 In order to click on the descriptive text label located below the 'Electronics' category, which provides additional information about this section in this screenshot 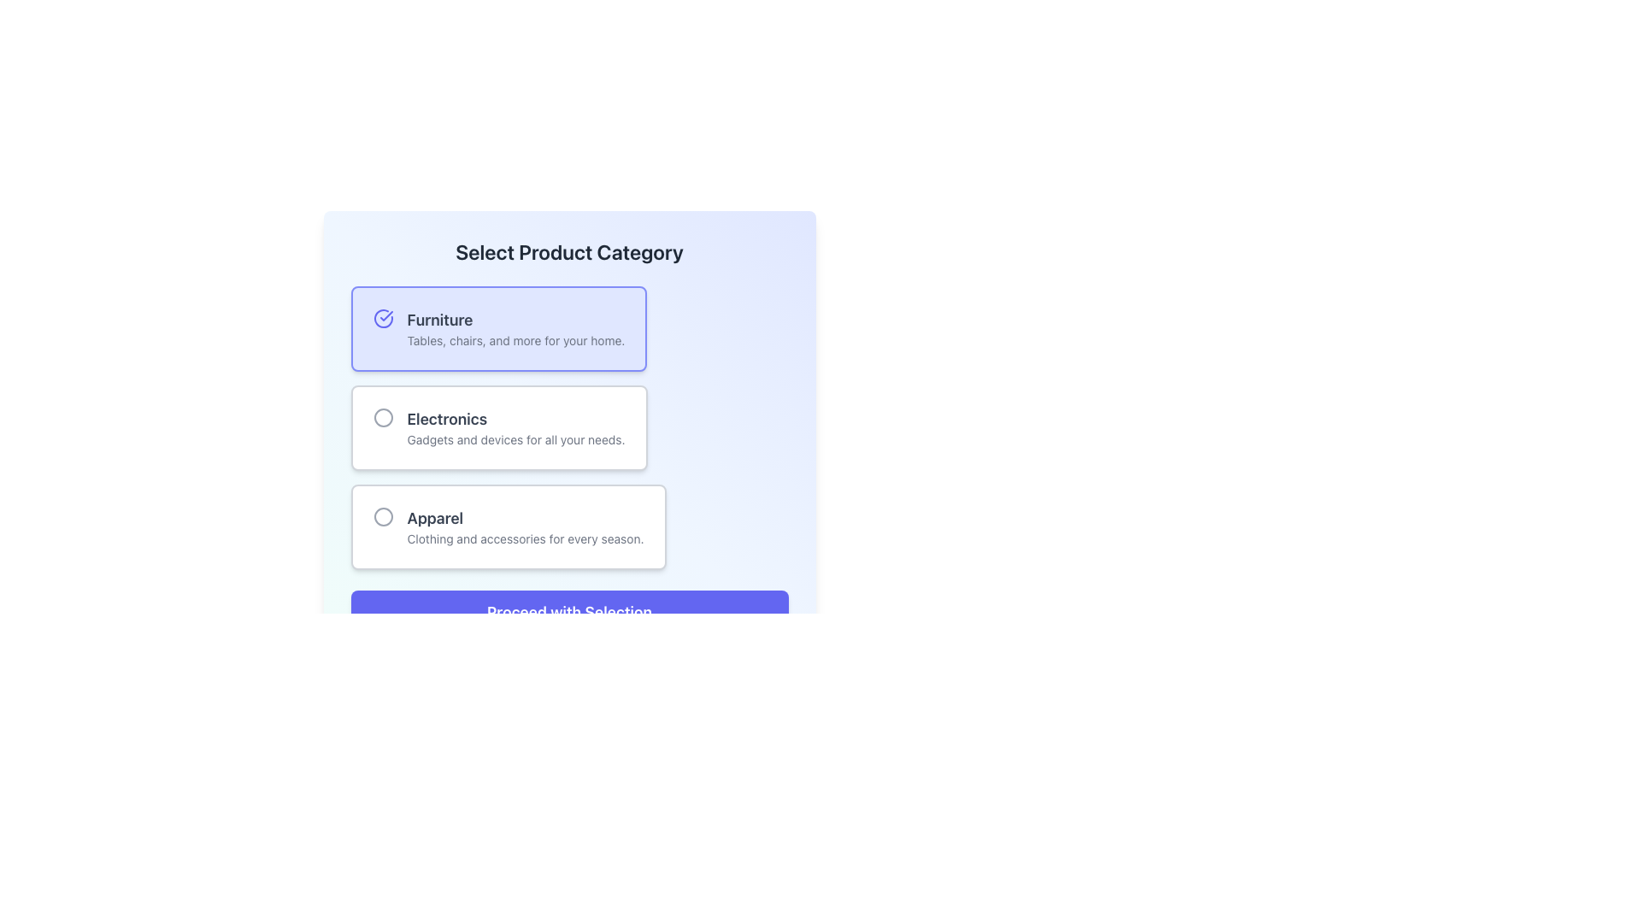, I will do `click(515, 439)`.